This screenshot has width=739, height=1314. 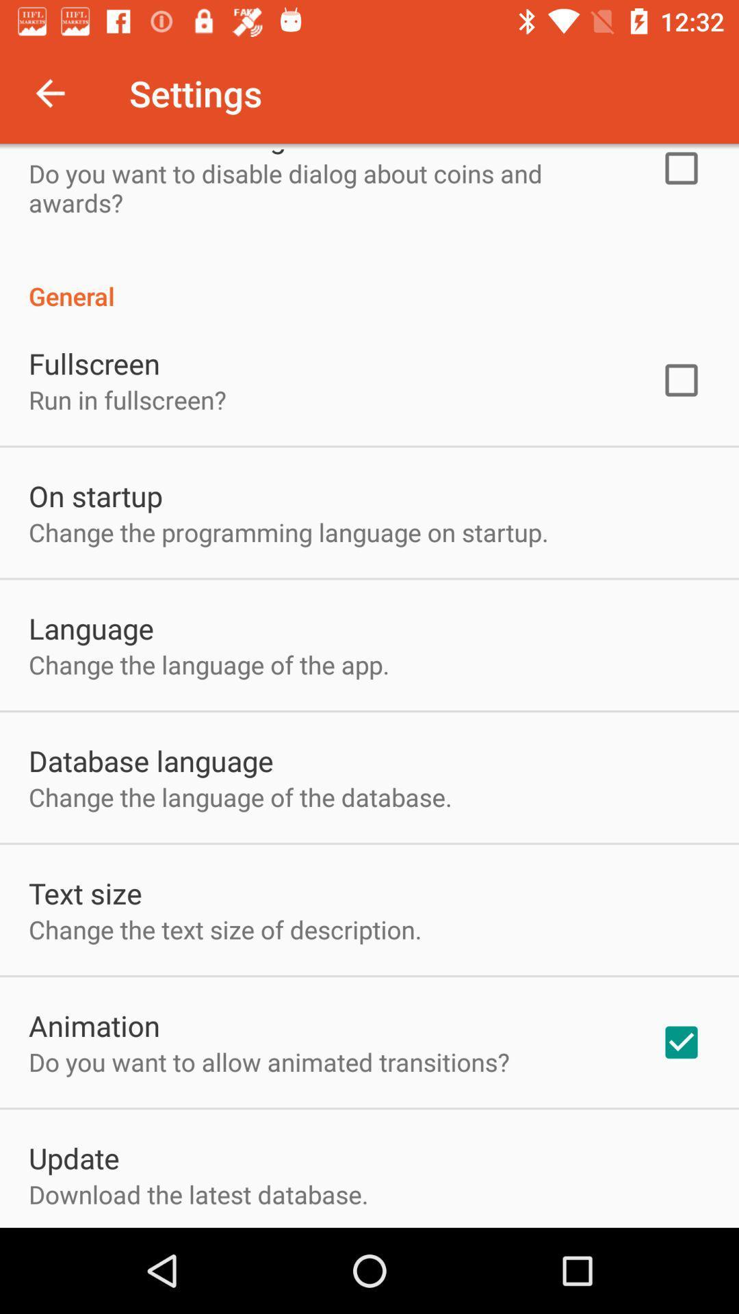 I want to click on the animation icon, so click(x=94, y=1025).